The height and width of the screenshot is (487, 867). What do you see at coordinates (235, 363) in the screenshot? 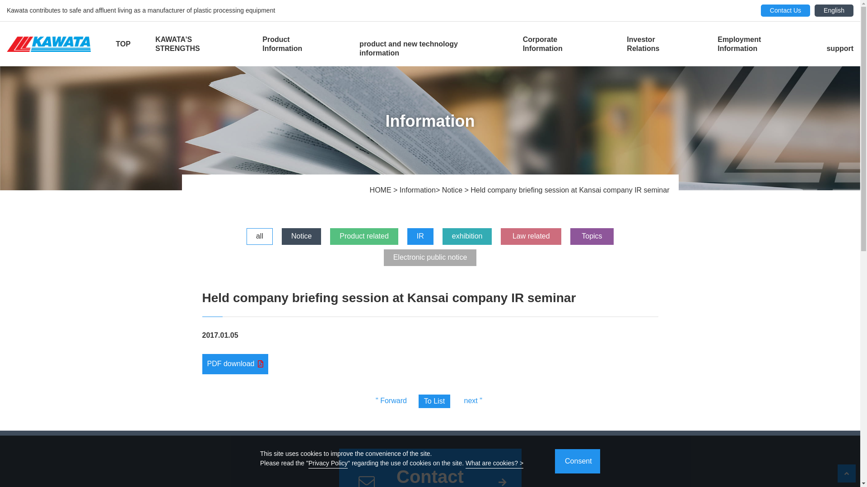
I see `'PDF download'` at bounding box center [235, 363].